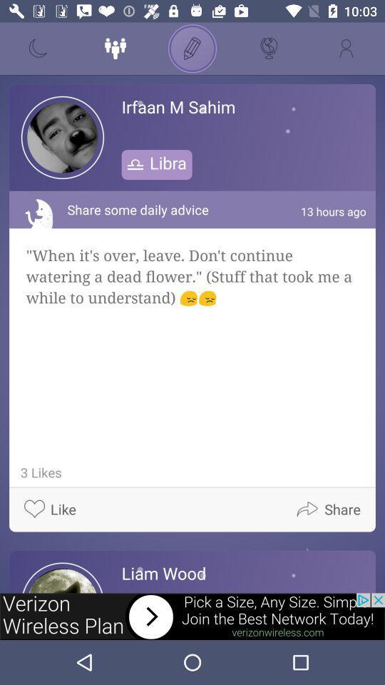 The image size is (385, 685). What do you see at coordinates (192, 49) in the screenshot?
I see `the edit icon` at bounding box center [192, 49].